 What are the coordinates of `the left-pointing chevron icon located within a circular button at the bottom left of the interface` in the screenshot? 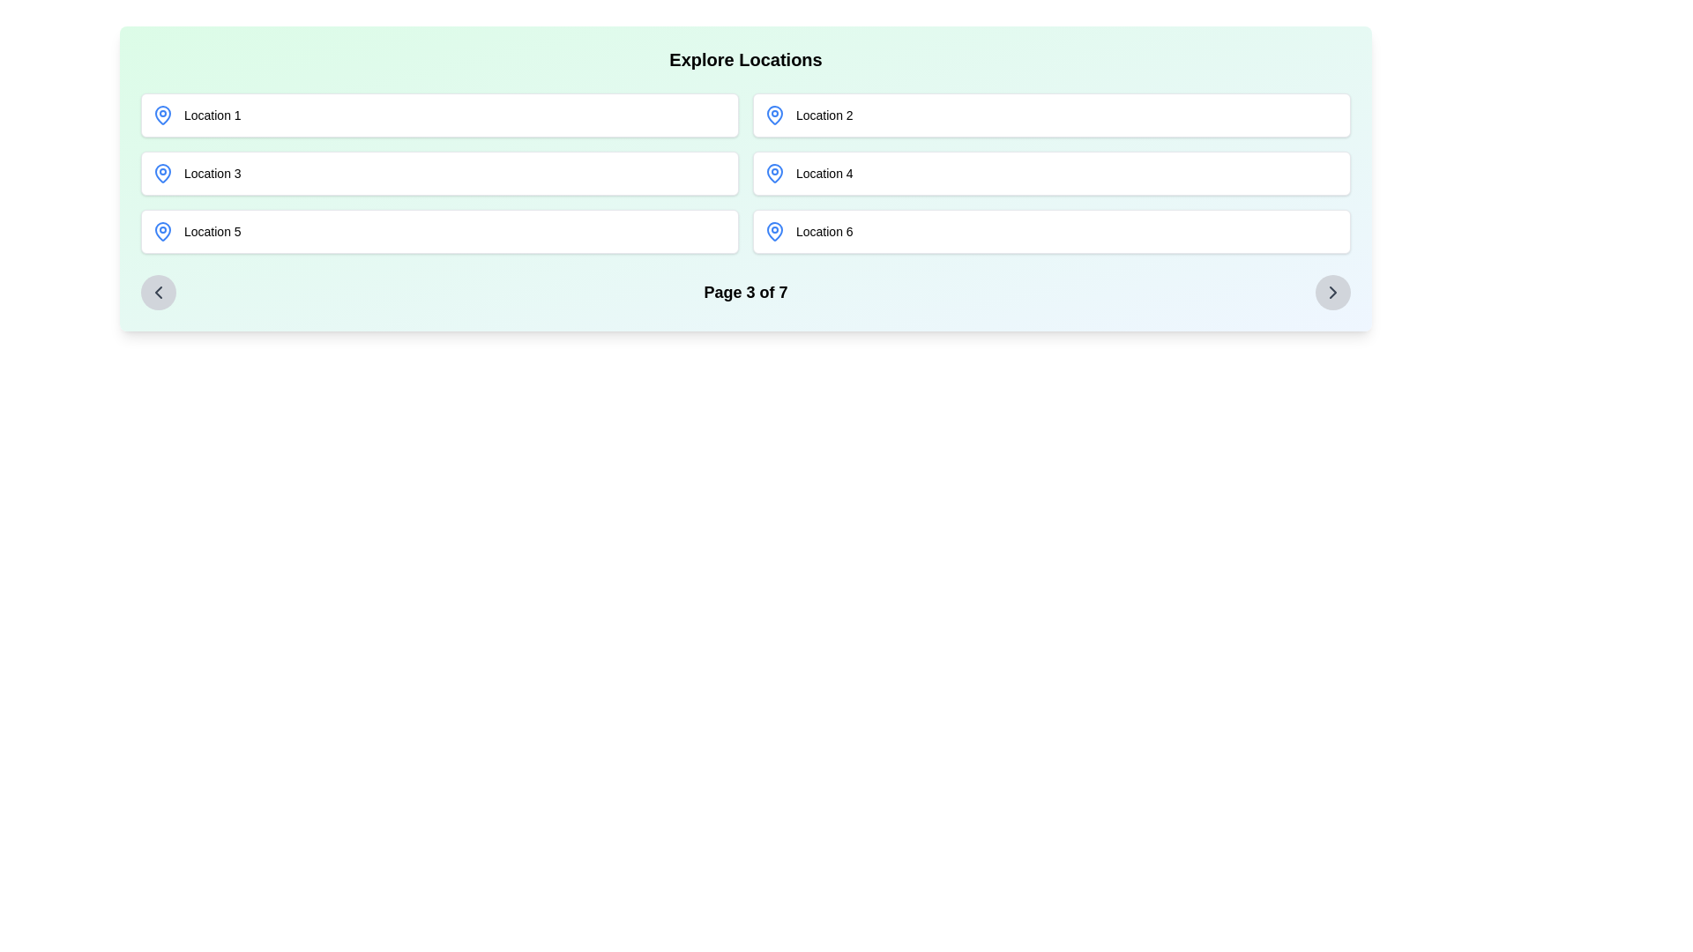 It's located at (159, 291).